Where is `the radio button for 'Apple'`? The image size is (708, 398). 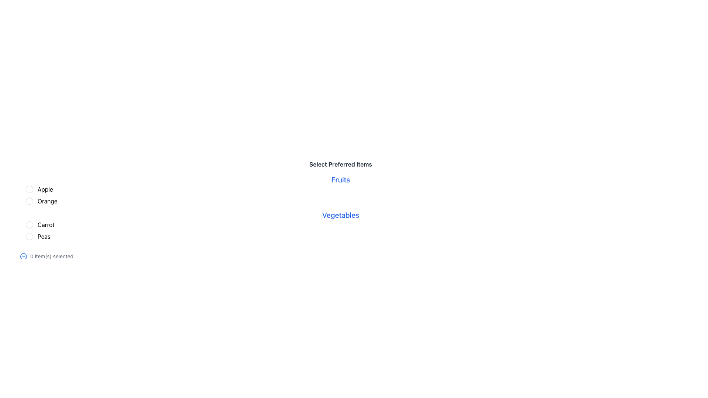
the radio button for 'Apple' is located at coordinates (29, 189).